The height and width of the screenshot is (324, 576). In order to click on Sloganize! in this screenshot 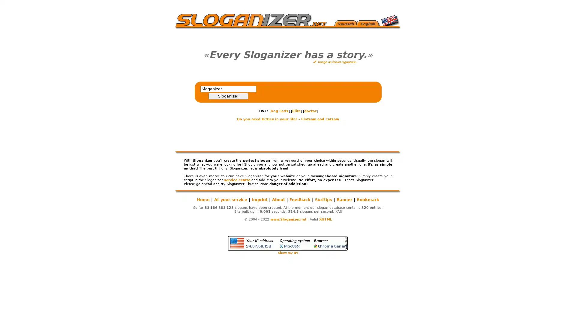, I will do `click(227, 96)`.